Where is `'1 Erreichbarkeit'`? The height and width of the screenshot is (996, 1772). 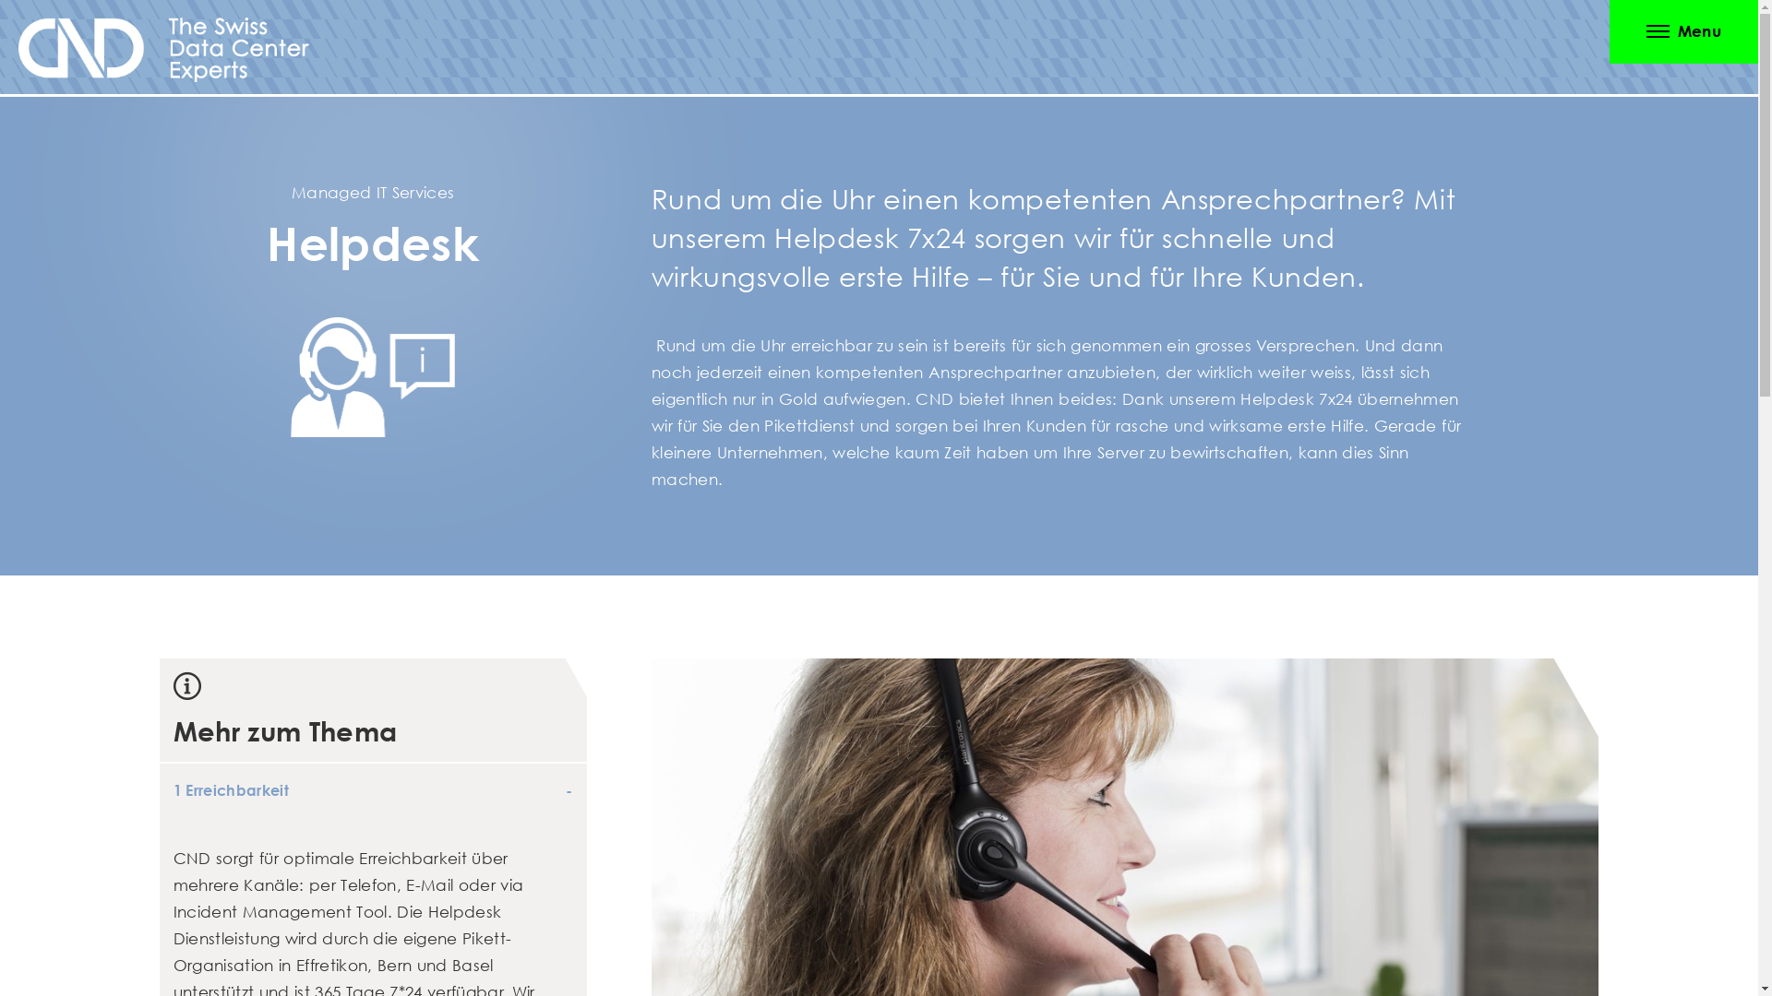
'1 Erreichbarkeit' is located at coordinates (371, 789).